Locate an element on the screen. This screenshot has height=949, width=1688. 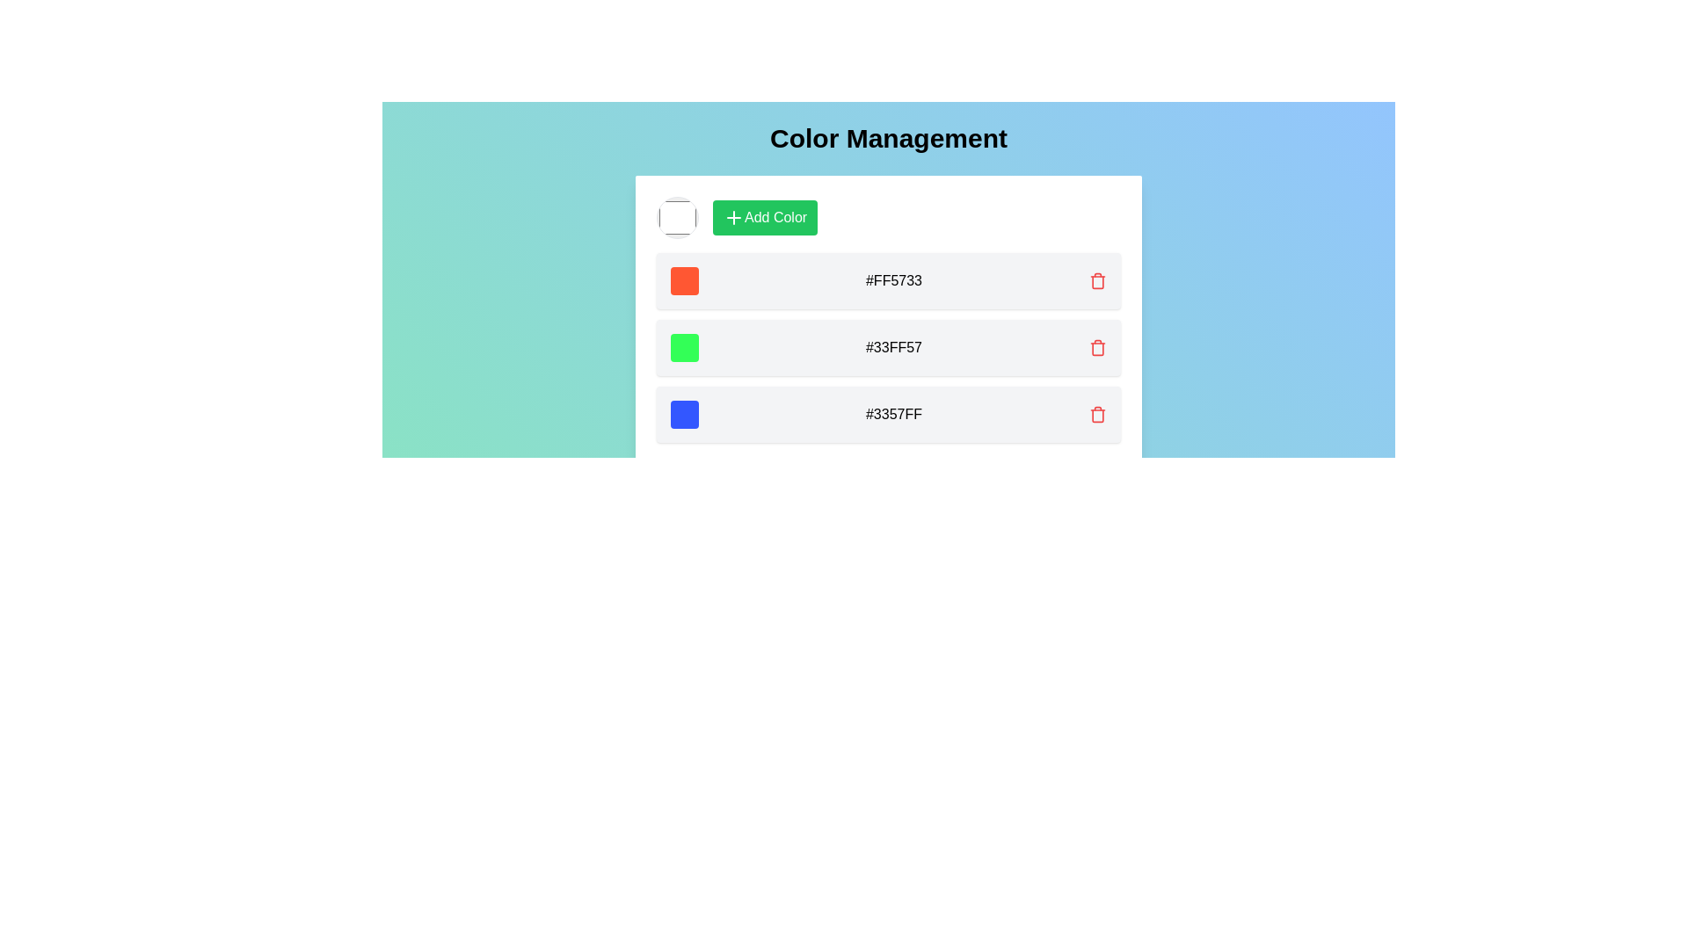
the text label displaying the hexadecimal color code '#FF5733' is located at coordinates (894, 280).